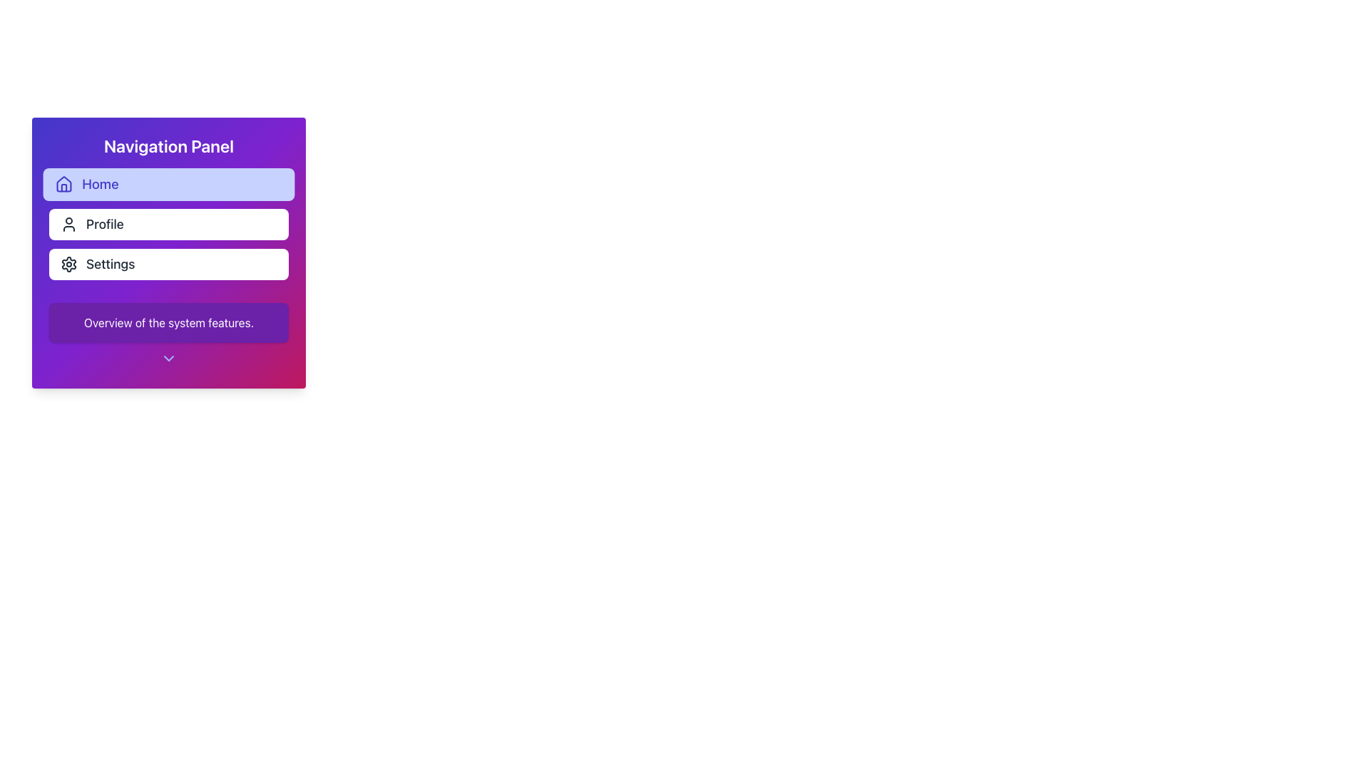  What do you see at coordinates (63, 187) in the screenshot?
I see `the 'Home' icon located at the top of the Navigation Panel, which visually represents the 'Home' function` at bounding box center [63, 187].